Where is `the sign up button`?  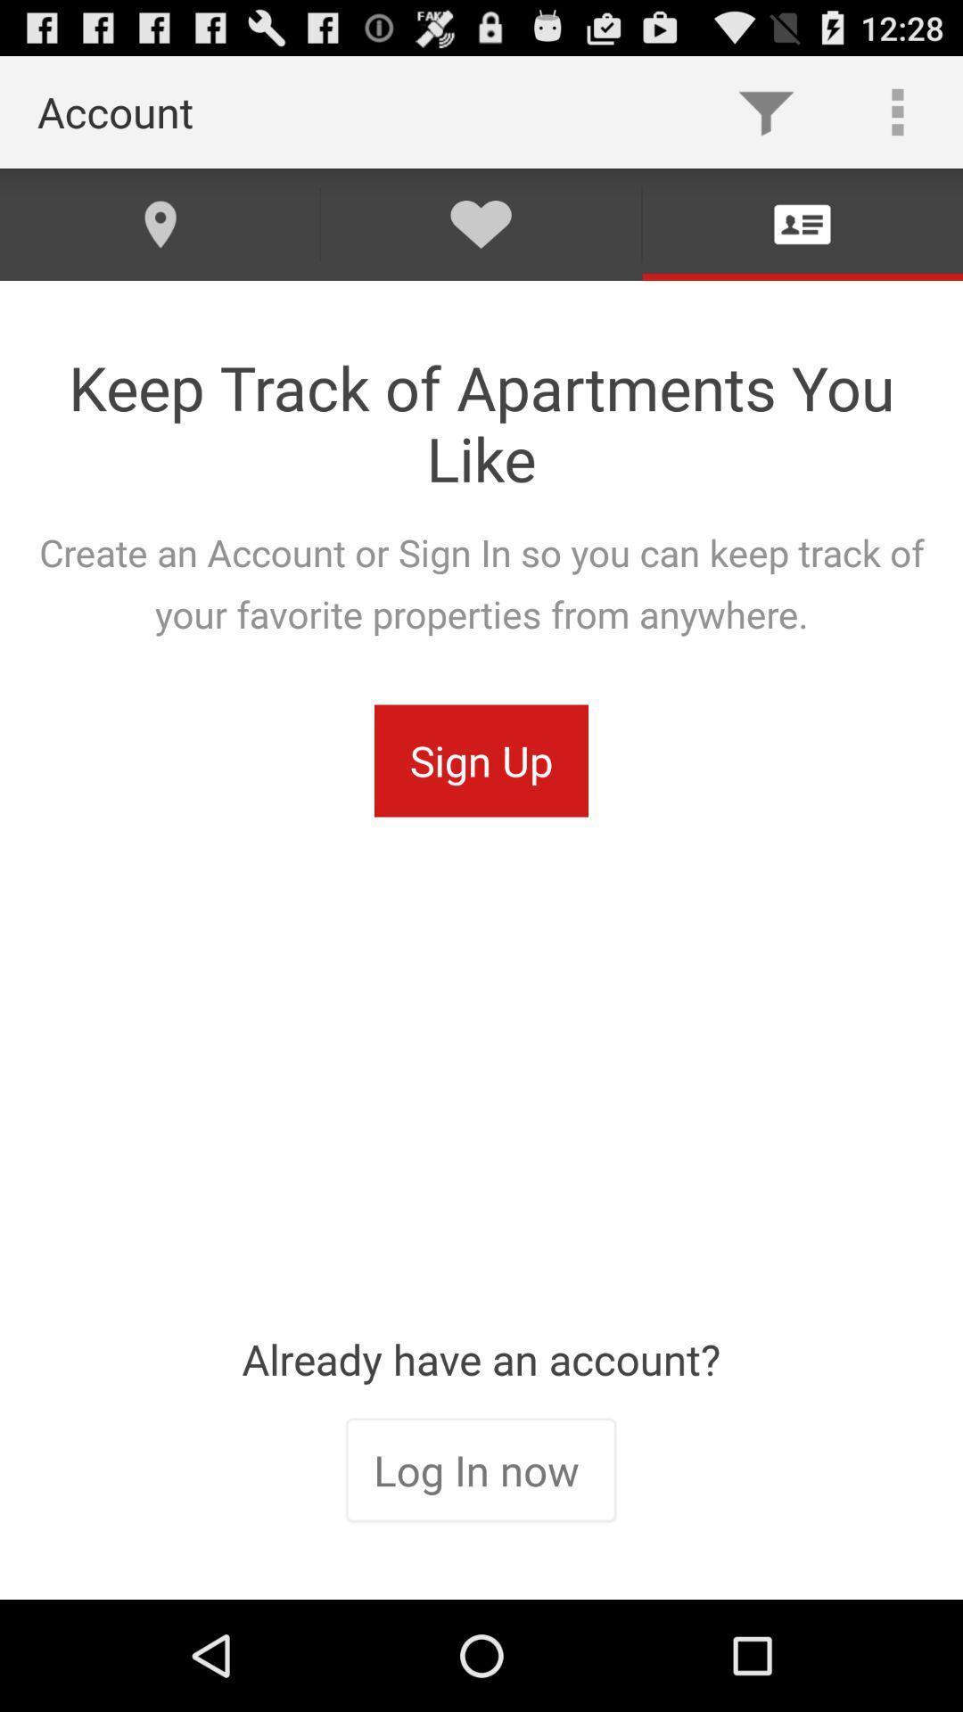 the sign up button is located at coordinates (481, 761).